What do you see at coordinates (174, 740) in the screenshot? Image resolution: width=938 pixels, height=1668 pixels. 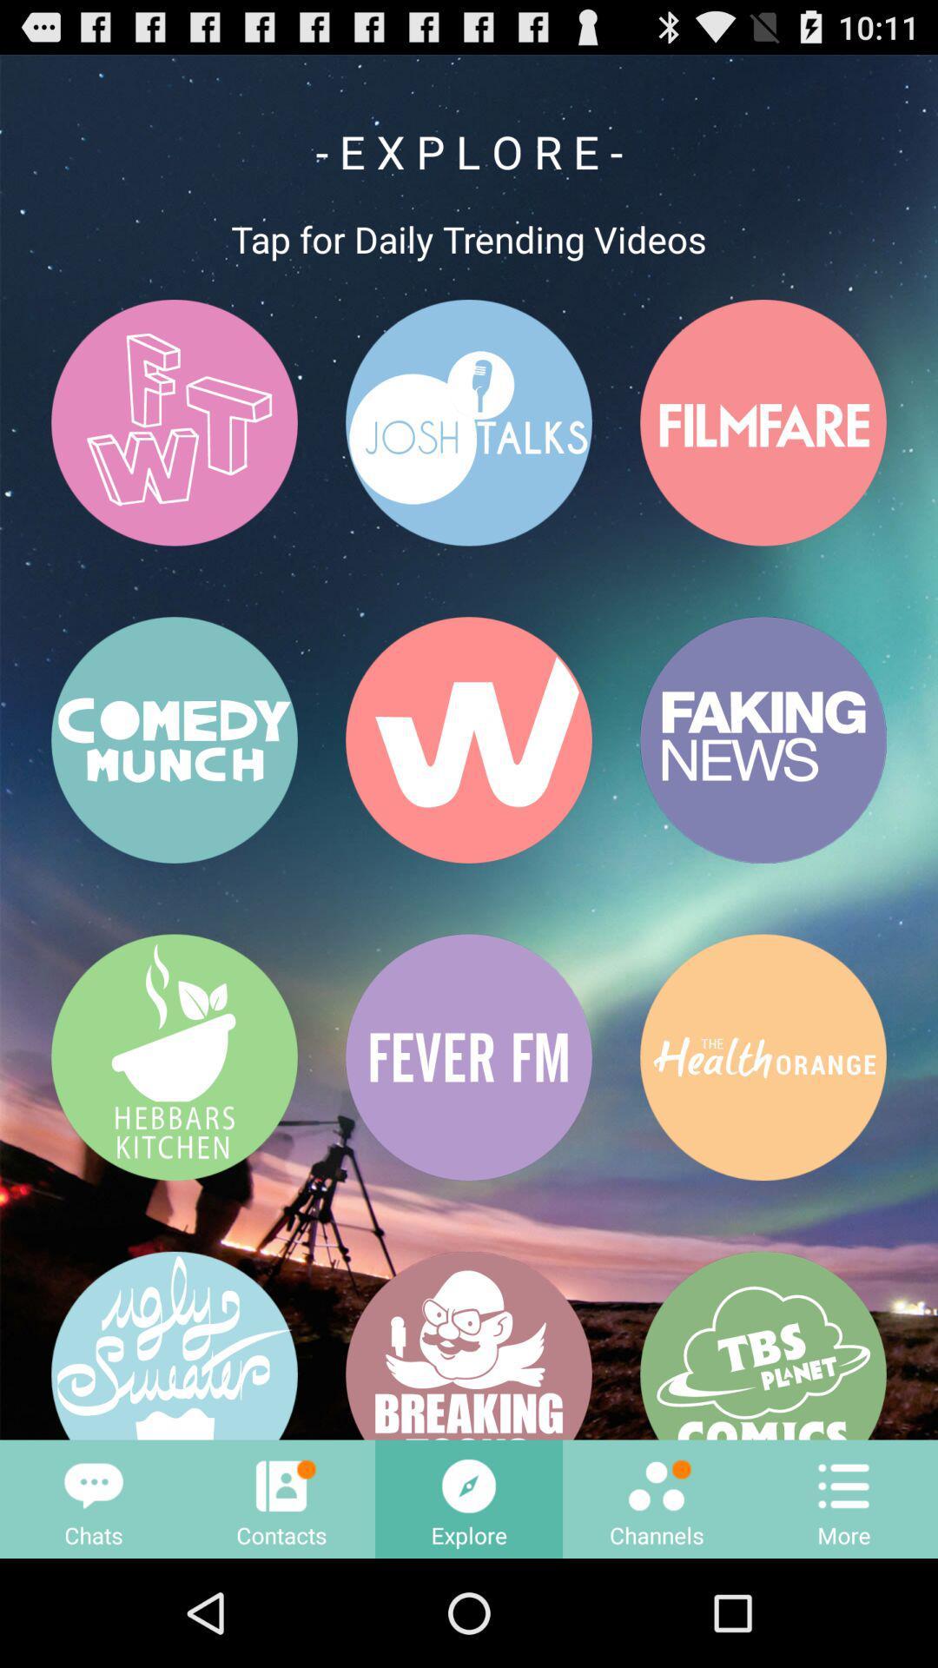 I see `the button that having a text comedy munch` at bounding box center [174, 740].